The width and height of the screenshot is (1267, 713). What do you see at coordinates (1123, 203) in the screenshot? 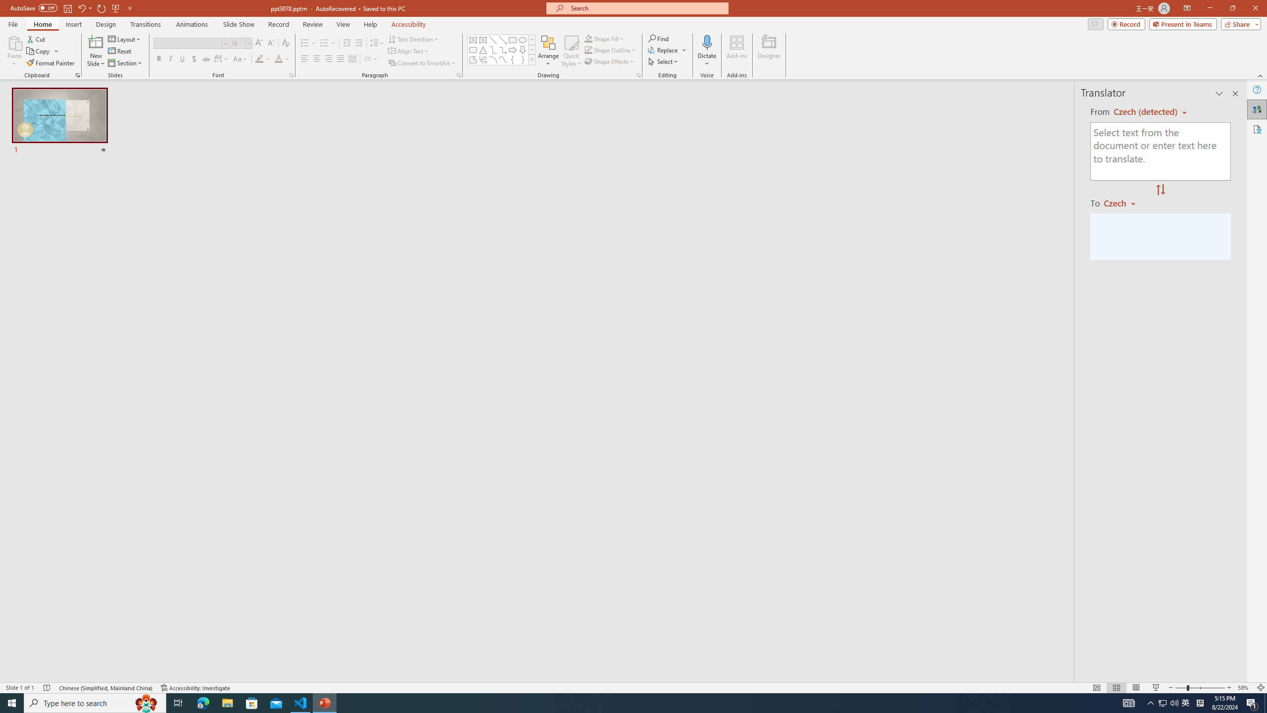
I see `'Czech'` at bounding box center [1123, 203].